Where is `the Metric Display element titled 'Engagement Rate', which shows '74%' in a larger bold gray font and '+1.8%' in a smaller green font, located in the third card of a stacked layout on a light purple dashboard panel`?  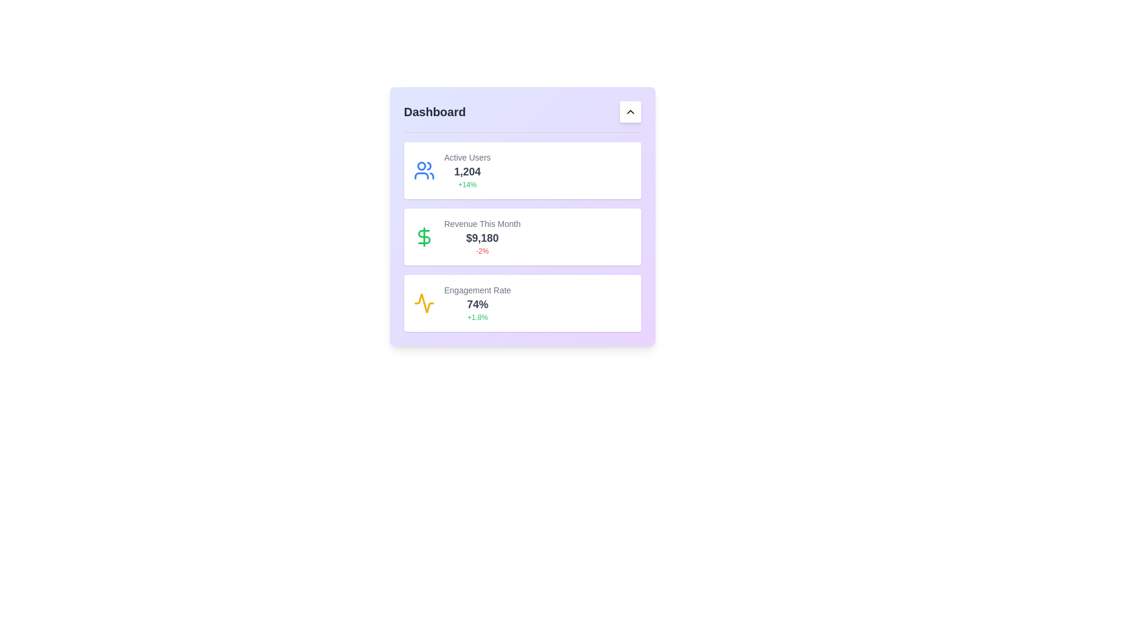
the Metric Display element titled 'Engagement Rate', which shows '74%' in a larger bold gray font and '+1.8%' in a smaller green font, located in the third card of a stacked layout on a light purple dashboard panel is located at coordinates (478, 303).